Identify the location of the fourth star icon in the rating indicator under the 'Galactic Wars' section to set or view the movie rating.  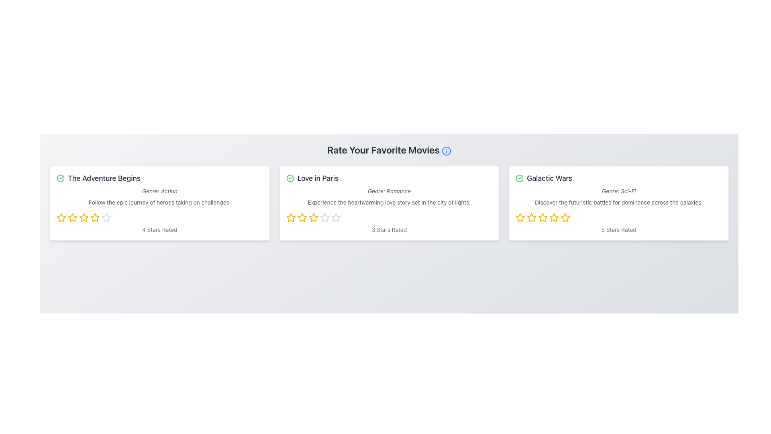
(554, 217).